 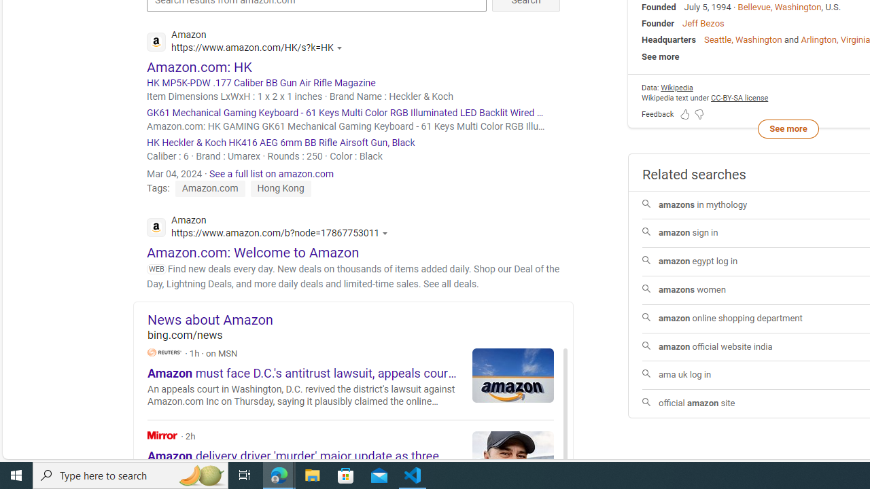 What do you see at coordinates (669, 39) in the screenshot?
I see `'Headquarters'` at bounding box center [669, 39].